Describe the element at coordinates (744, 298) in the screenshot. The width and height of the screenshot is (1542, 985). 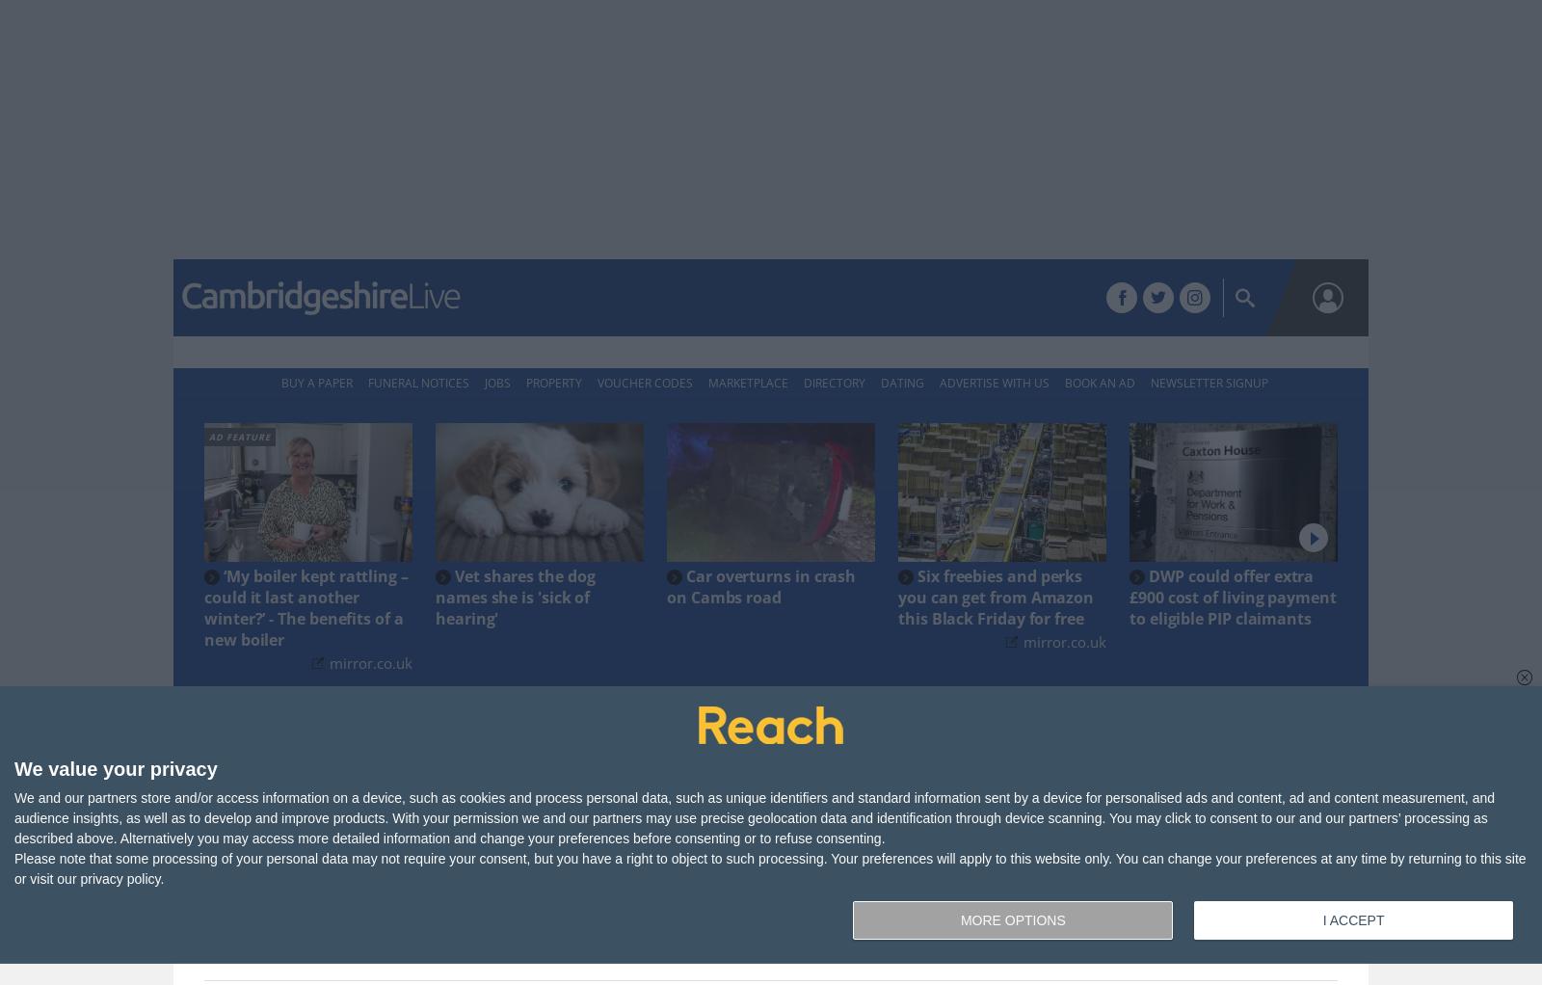
I see `'Peterborough'` at that location.